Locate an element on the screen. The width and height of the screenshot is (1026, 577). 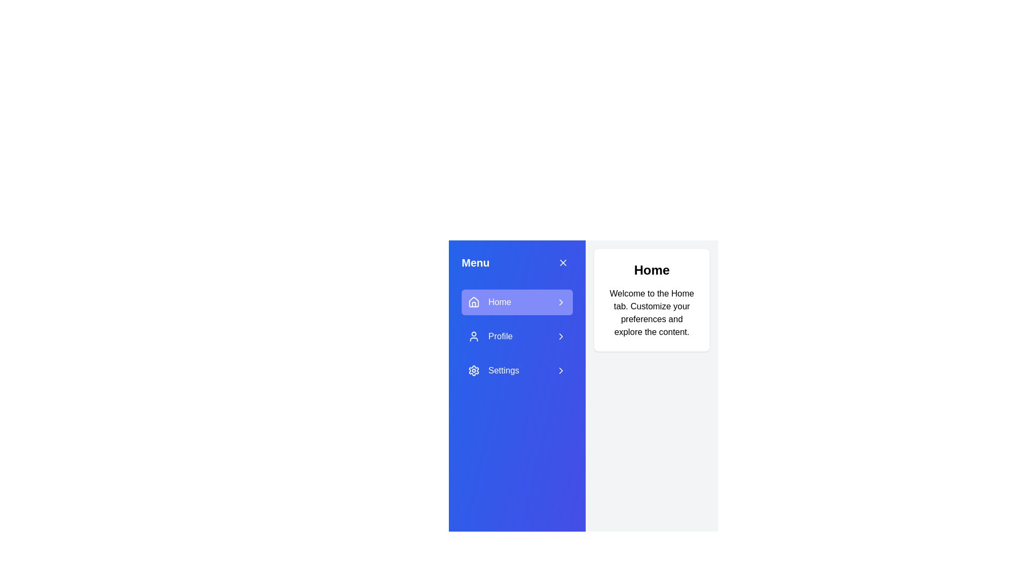
the settings icon located in the left sidebar menu, which is the third item after 'Home' and 'Profile' is located at coordinates (473, 370).